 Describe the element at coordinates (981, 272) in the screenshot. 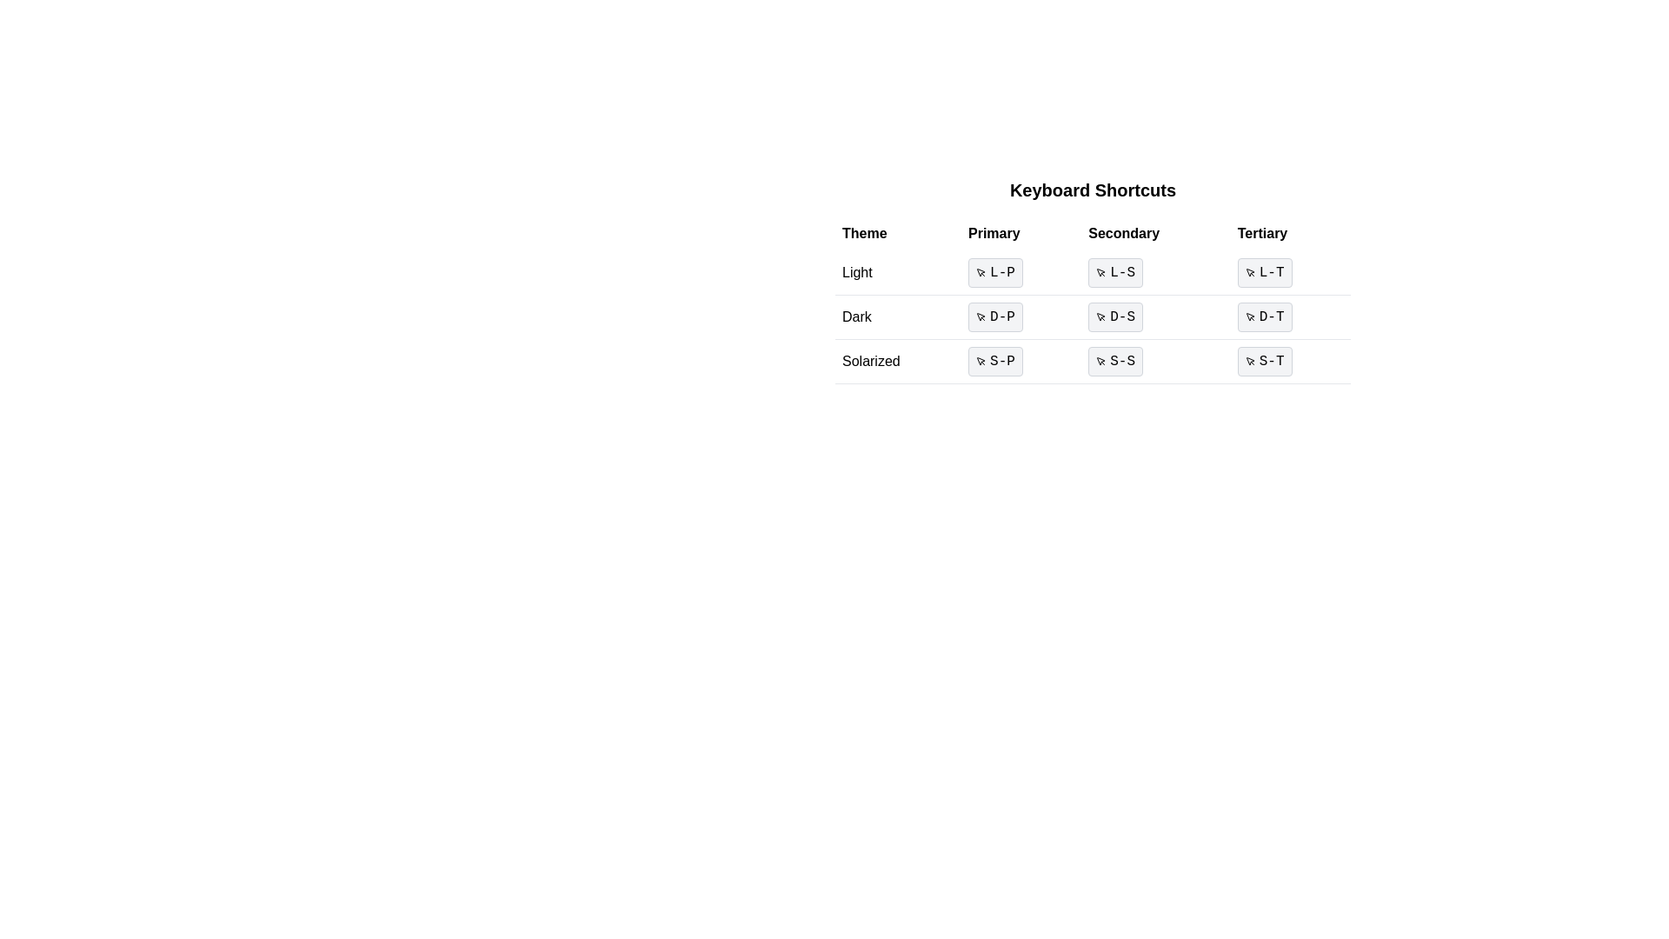

I see `the button labeled 'L-P' in the top left corner of the 'Primary' component under the 'Light' theme` at that location.